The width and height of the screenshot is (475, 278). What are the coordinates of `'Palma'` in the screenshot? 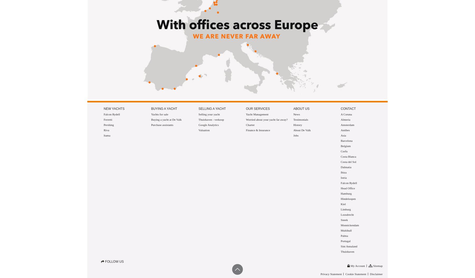 It's located at (344, 236).